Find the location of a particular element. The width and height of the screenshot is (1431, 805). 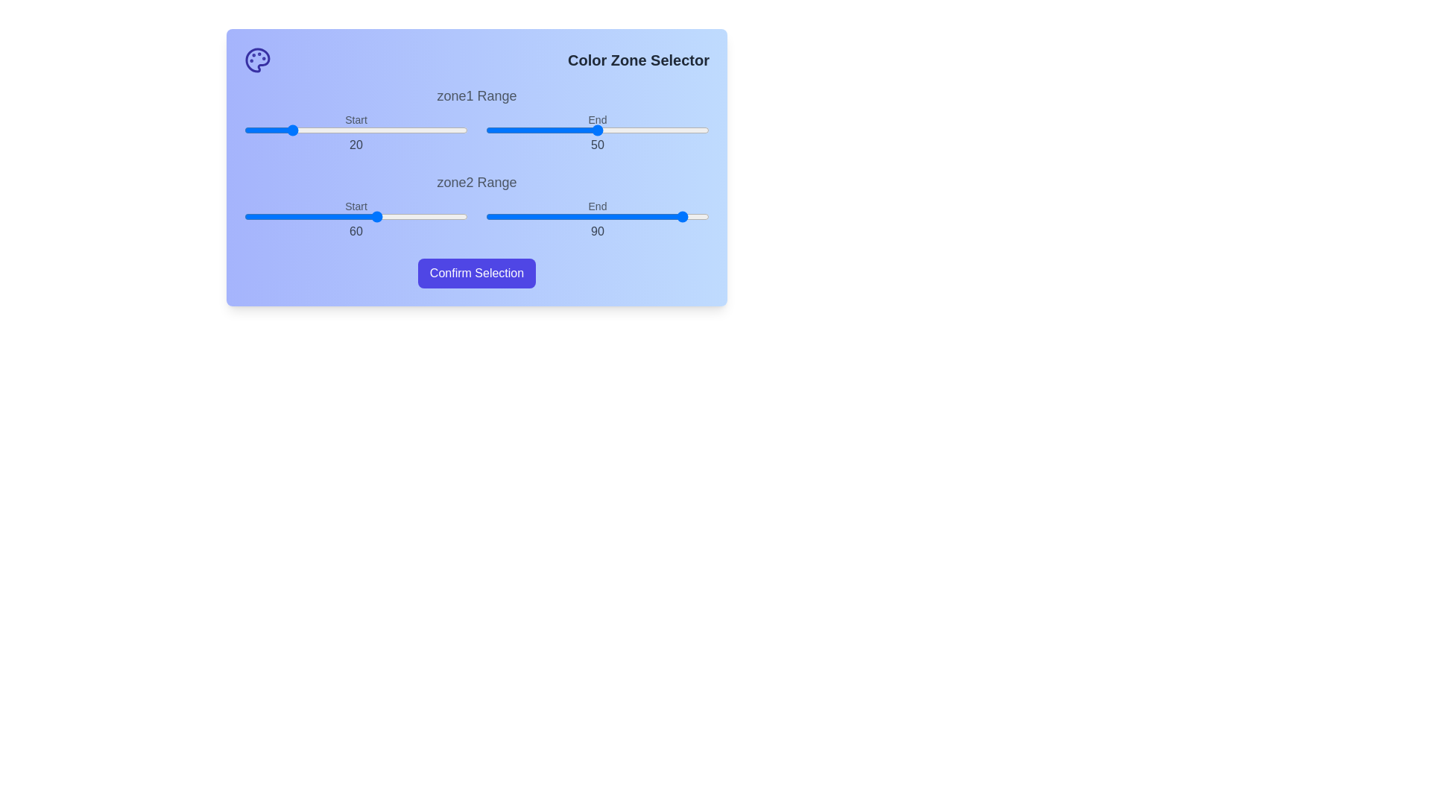

the start range slider for zone1 to 56 is located at coordinates (369, 129).